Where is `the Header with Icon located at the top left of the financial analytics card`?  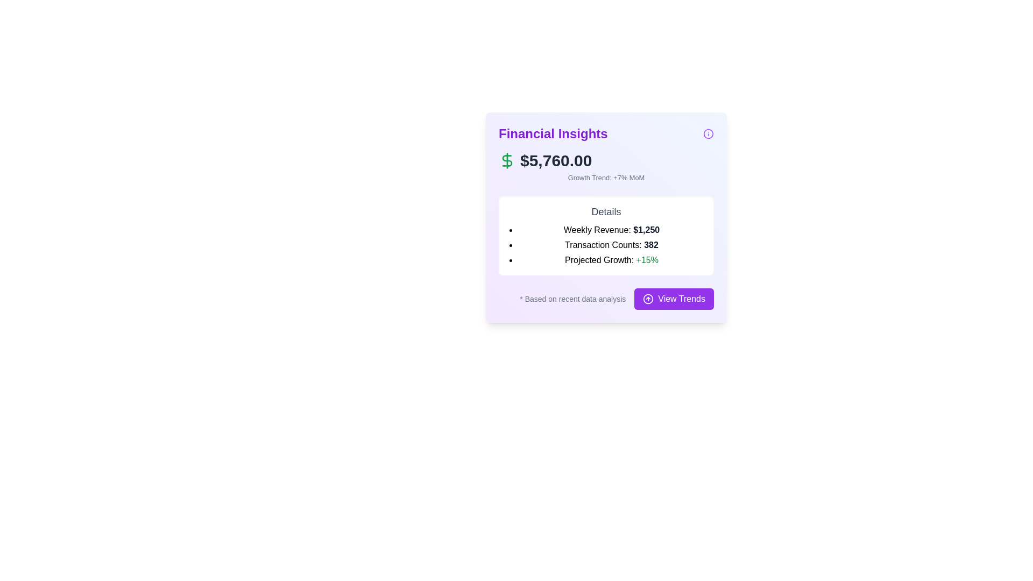
the Header with Icon located at the top left of the financial analytics card is located at coordinates (606, 133).